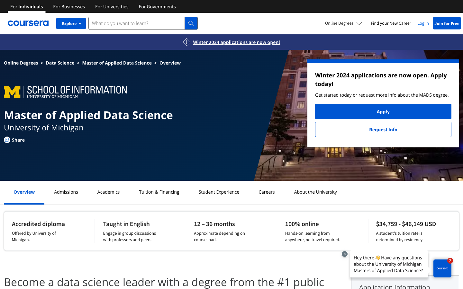  What do you see at coordinates (66, 192) in the screenshot?
I see `for the course admission` at bounding box center [66, 192].